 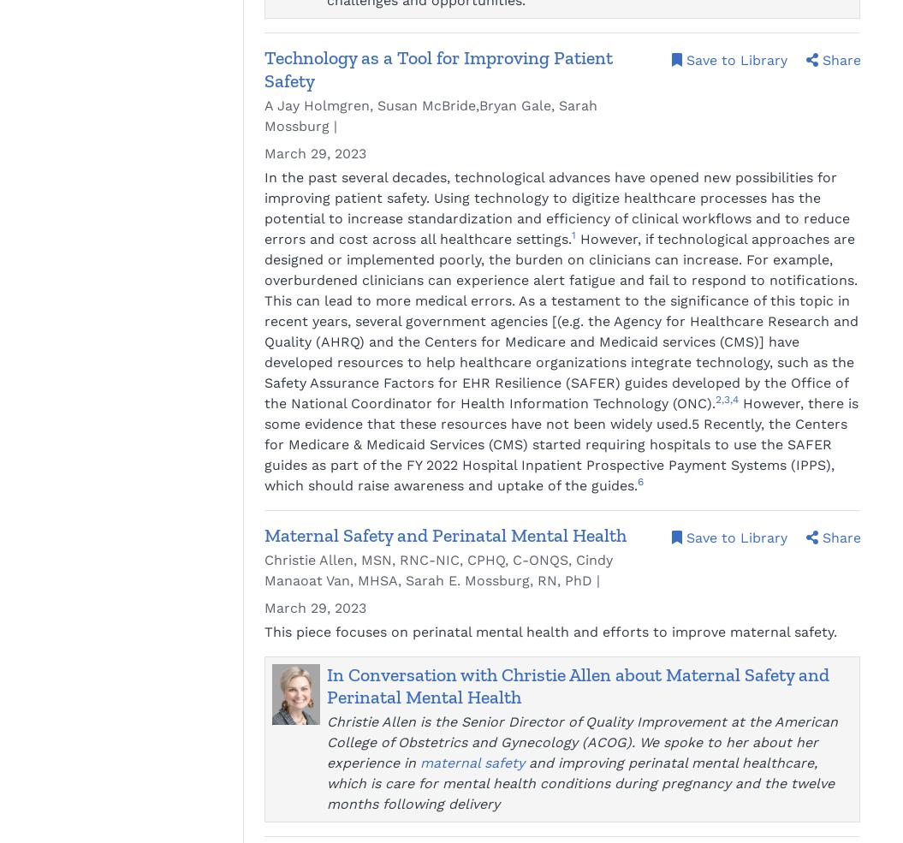 I want to click on 'Christie Allen, MSN, RNC-NIC, CPHQ, C-ONQS, Cindy Manaoat Van, MHSA, Sarah E. Mossburg, RN, PhD
 |', so click(x=264, y=568).